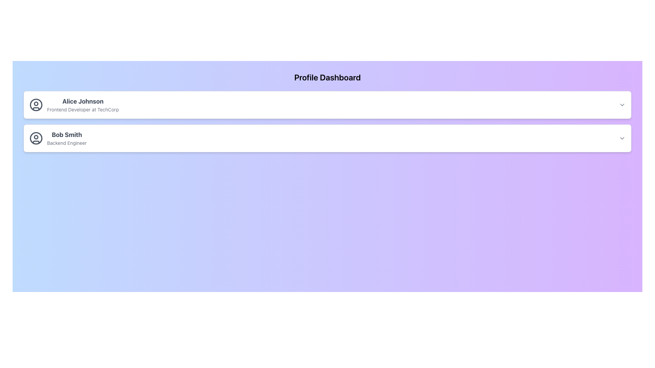  I want to click on the chevron-down icon located in the top-right corner of the card labeled 'Alice Johnson Frontend Developer at TechCorp', so click(622, 105).